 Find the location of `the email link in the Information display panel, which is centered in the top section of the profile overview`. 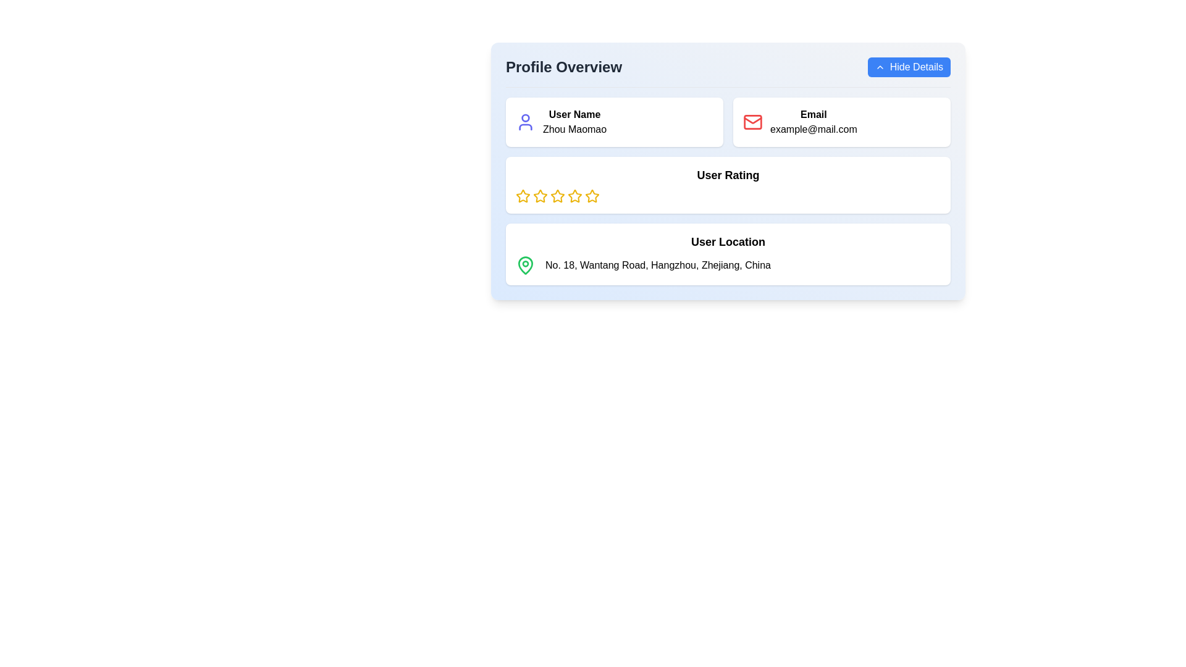

the email link in the Information display panel, which is centered in the top section of the profile overview is located at coordinates (728, 122).